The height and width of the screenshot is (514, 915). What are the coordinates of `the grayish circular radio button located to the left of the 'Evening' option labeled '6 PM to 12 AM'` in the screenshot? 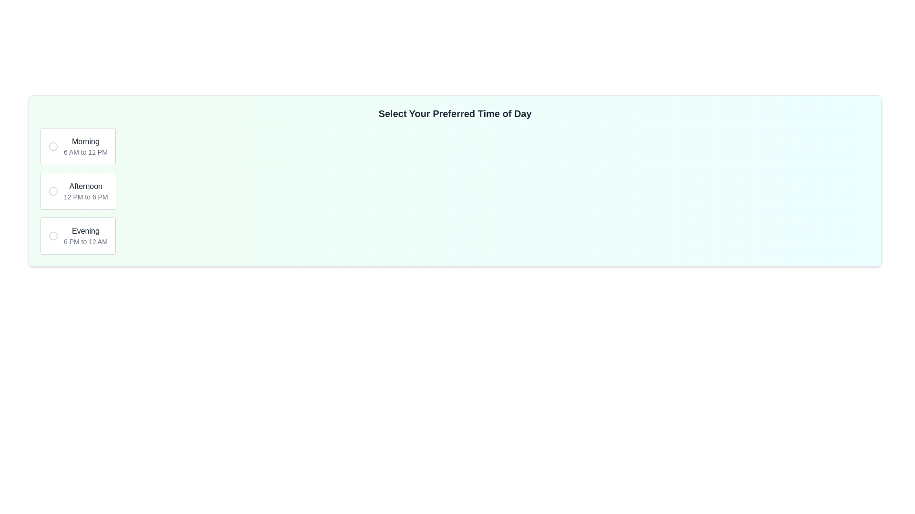 It's located at (52, 236).